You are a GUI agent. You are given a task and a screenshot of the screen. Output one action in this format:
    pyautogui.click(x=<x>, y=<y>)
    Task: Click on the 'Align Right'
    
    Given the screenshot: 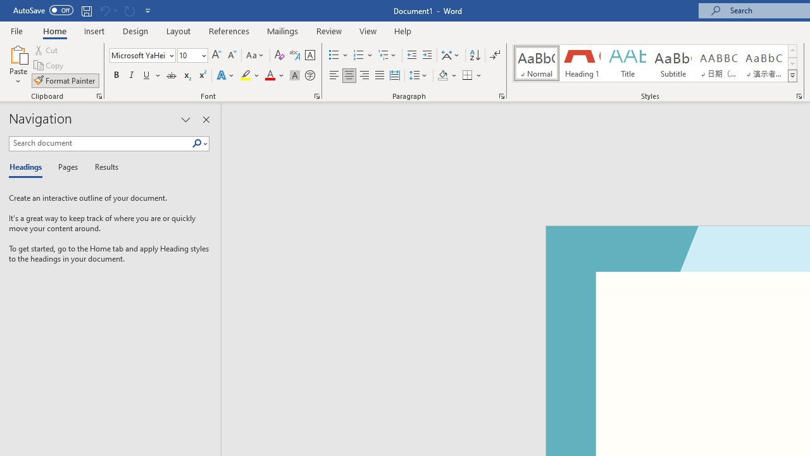 What is the action you would take?
    pyautogui.click(x=364, y=75)
    